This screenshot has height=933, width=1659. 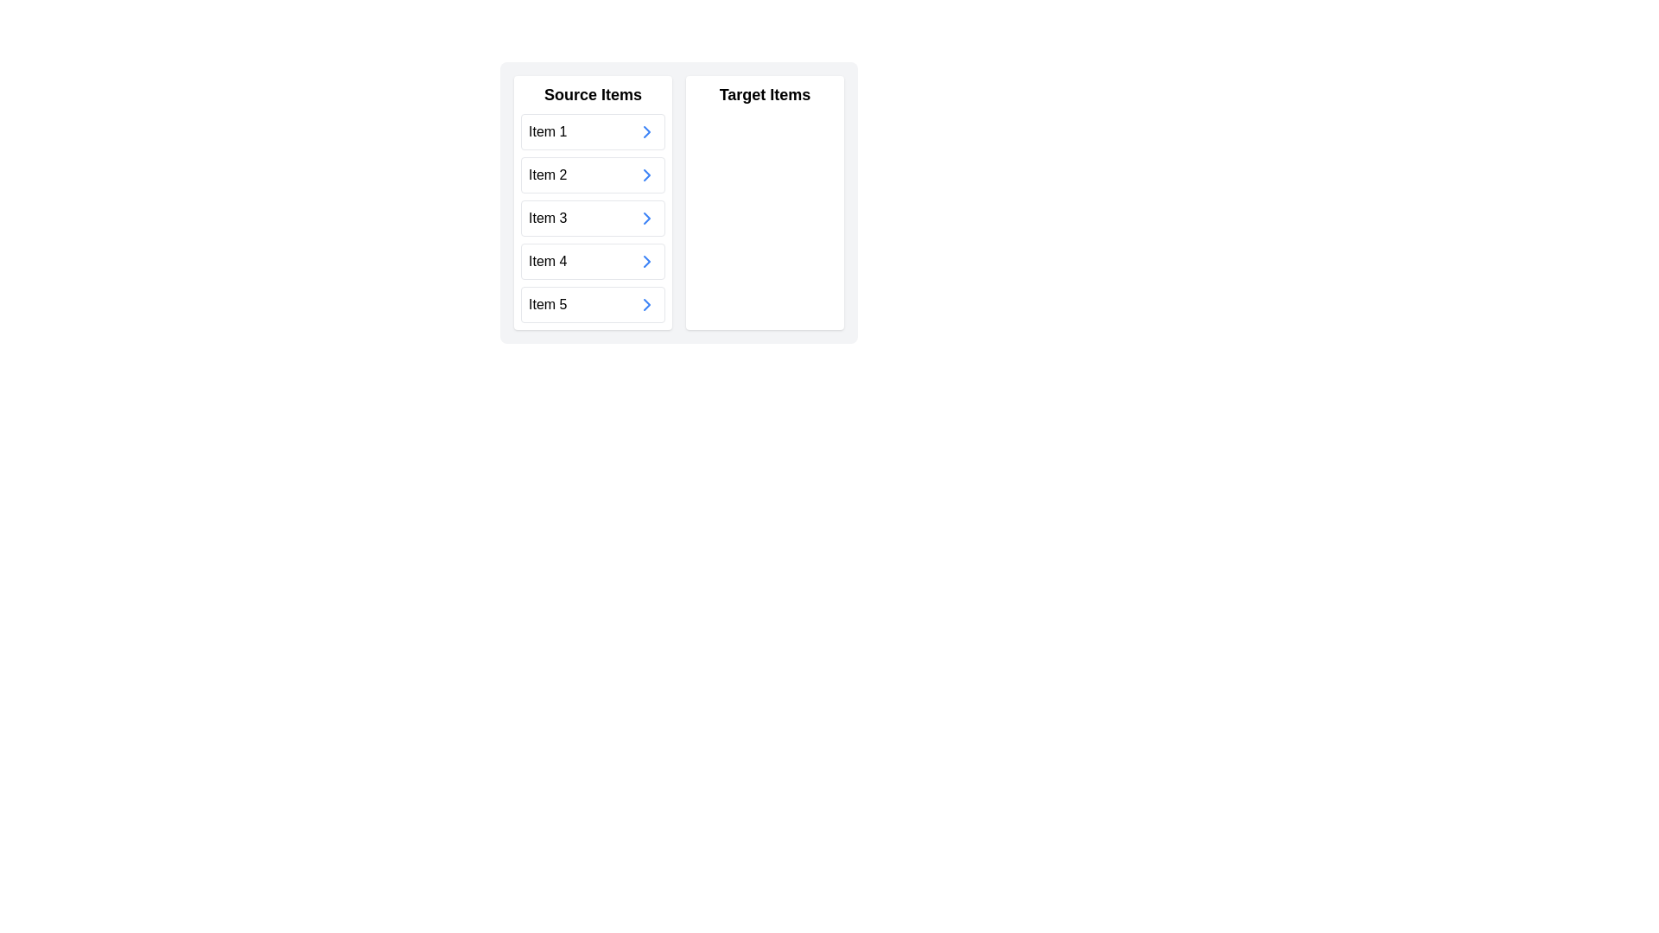 I want to click on assistive technologies, so click(x=546, y=262).